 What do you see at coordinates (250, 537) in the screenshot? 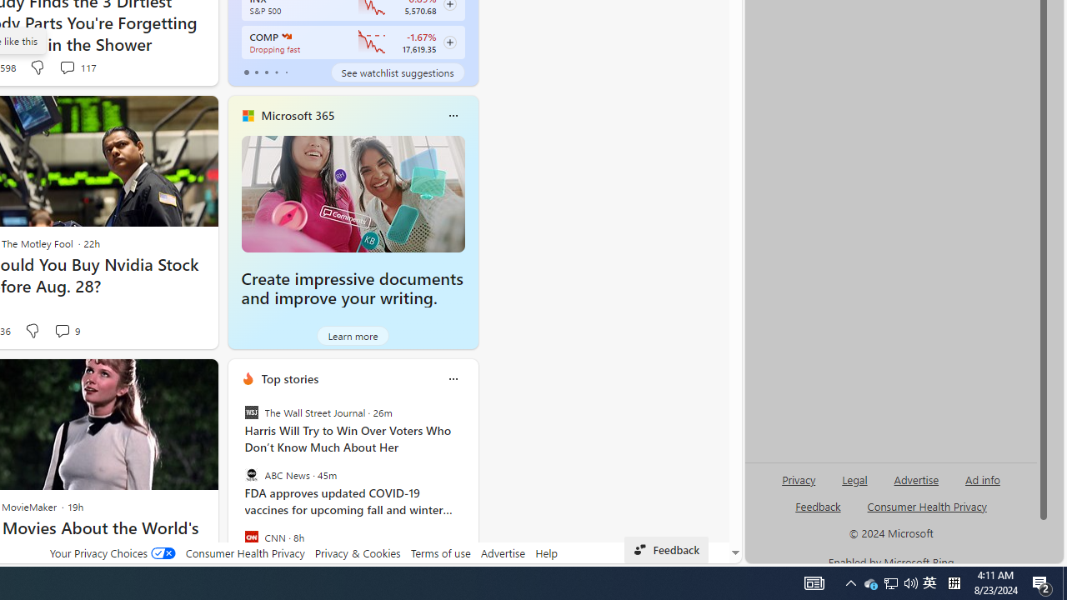
I see `'CNN'` at bounding box center [250, 537].